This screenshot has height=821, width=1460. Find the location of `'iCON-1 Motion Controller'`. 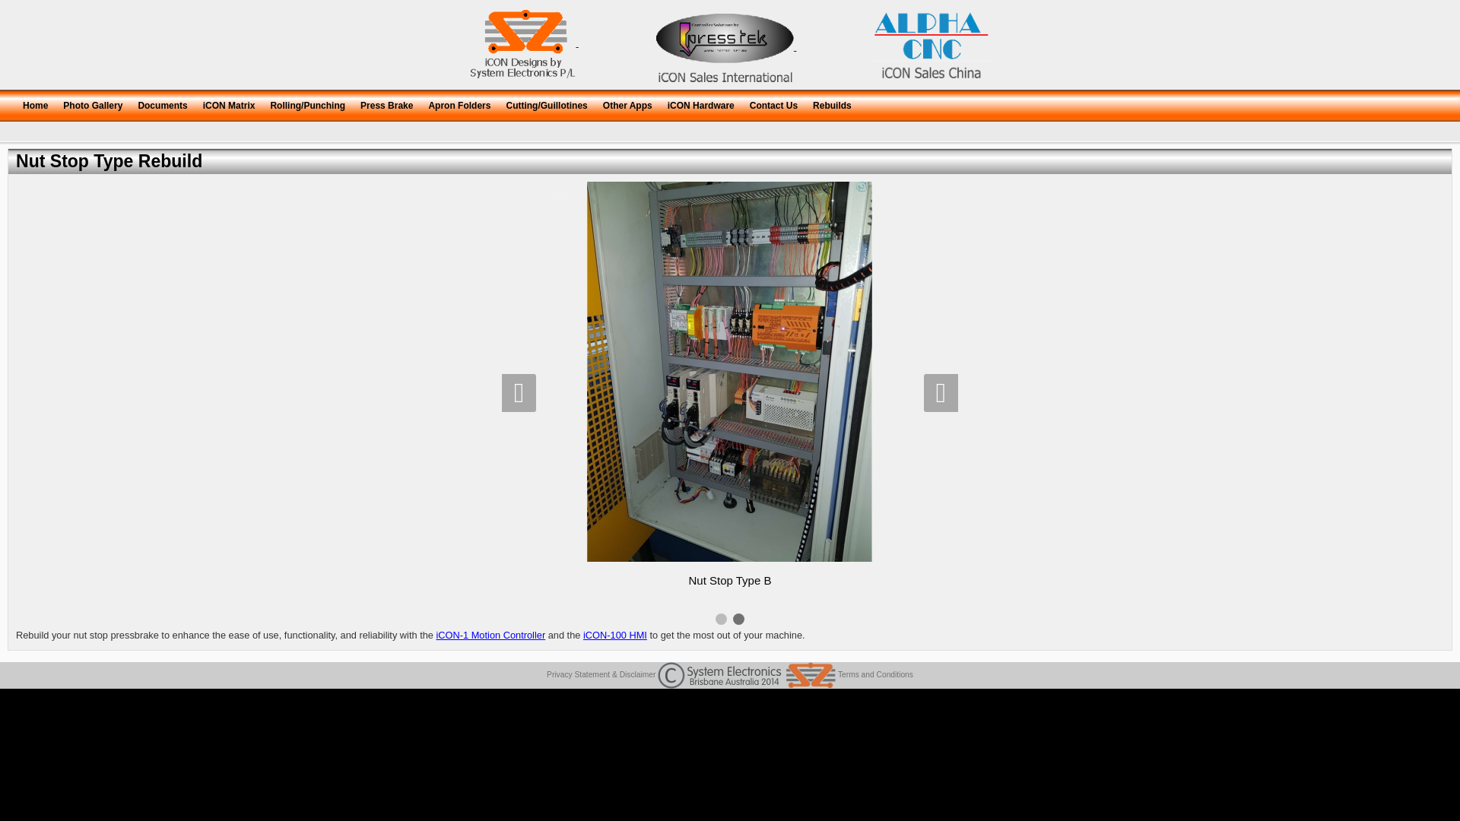

'iCON-1 Motion Controller' is located at coordinates (491, 635).